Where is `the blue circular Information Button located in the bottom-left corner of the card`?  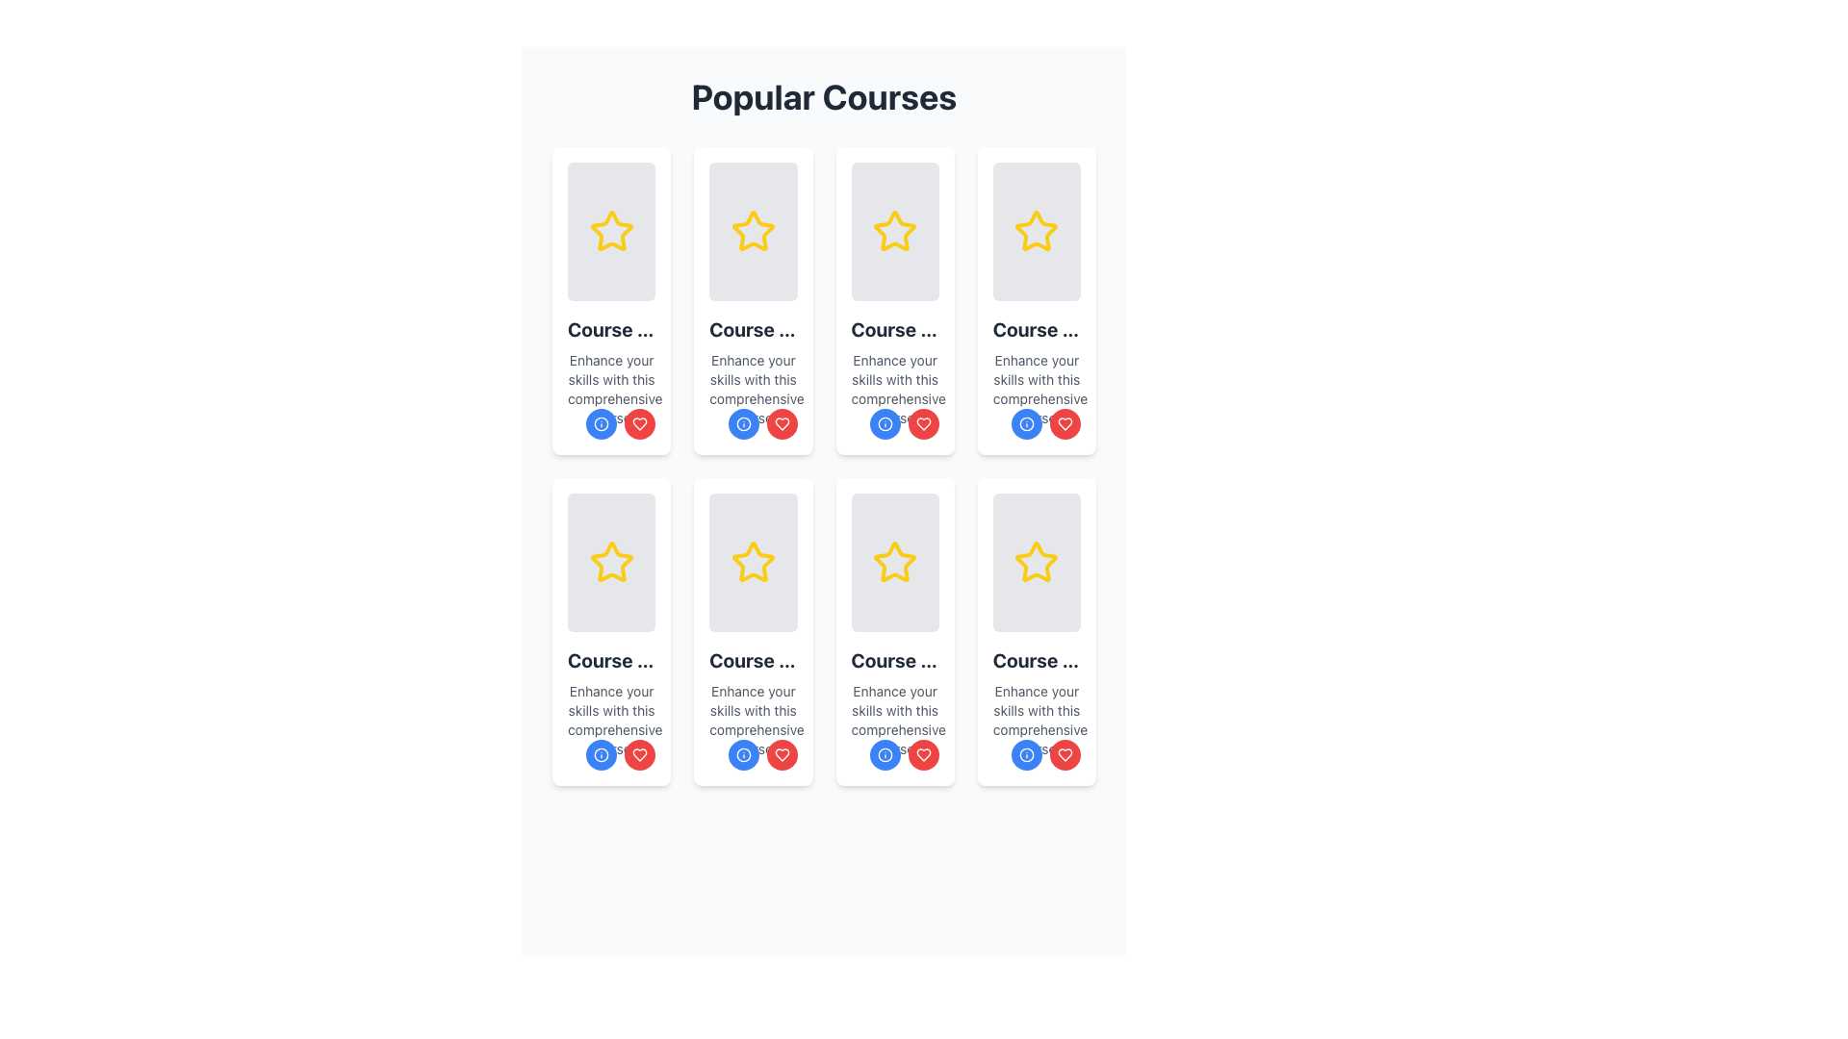
the blue circular Information Button located in the bottom-left corner of the card is located at coordinates (742, 754).